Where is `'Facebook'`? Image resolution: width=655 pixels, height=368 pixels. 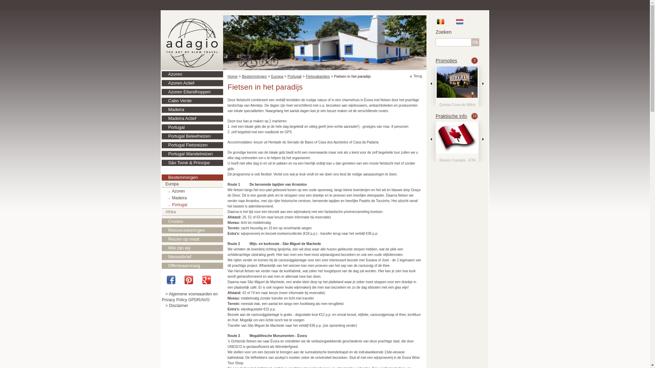
'Facebook' is located at coordinates (174, 280).